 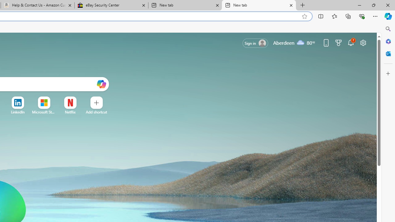 I want to click on 'Add a site', so click(x=96, y=112).